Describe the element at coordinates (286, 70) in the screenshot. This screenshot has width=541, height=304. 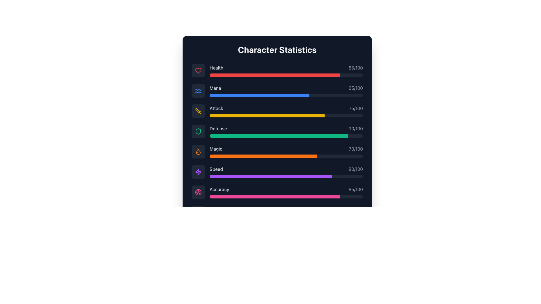
I see `the 'Health' progress bar element, which is located in the 'Character Statistics' interface, displaying 'Health' and '85/100' with a red-filled progress bar` at that location.